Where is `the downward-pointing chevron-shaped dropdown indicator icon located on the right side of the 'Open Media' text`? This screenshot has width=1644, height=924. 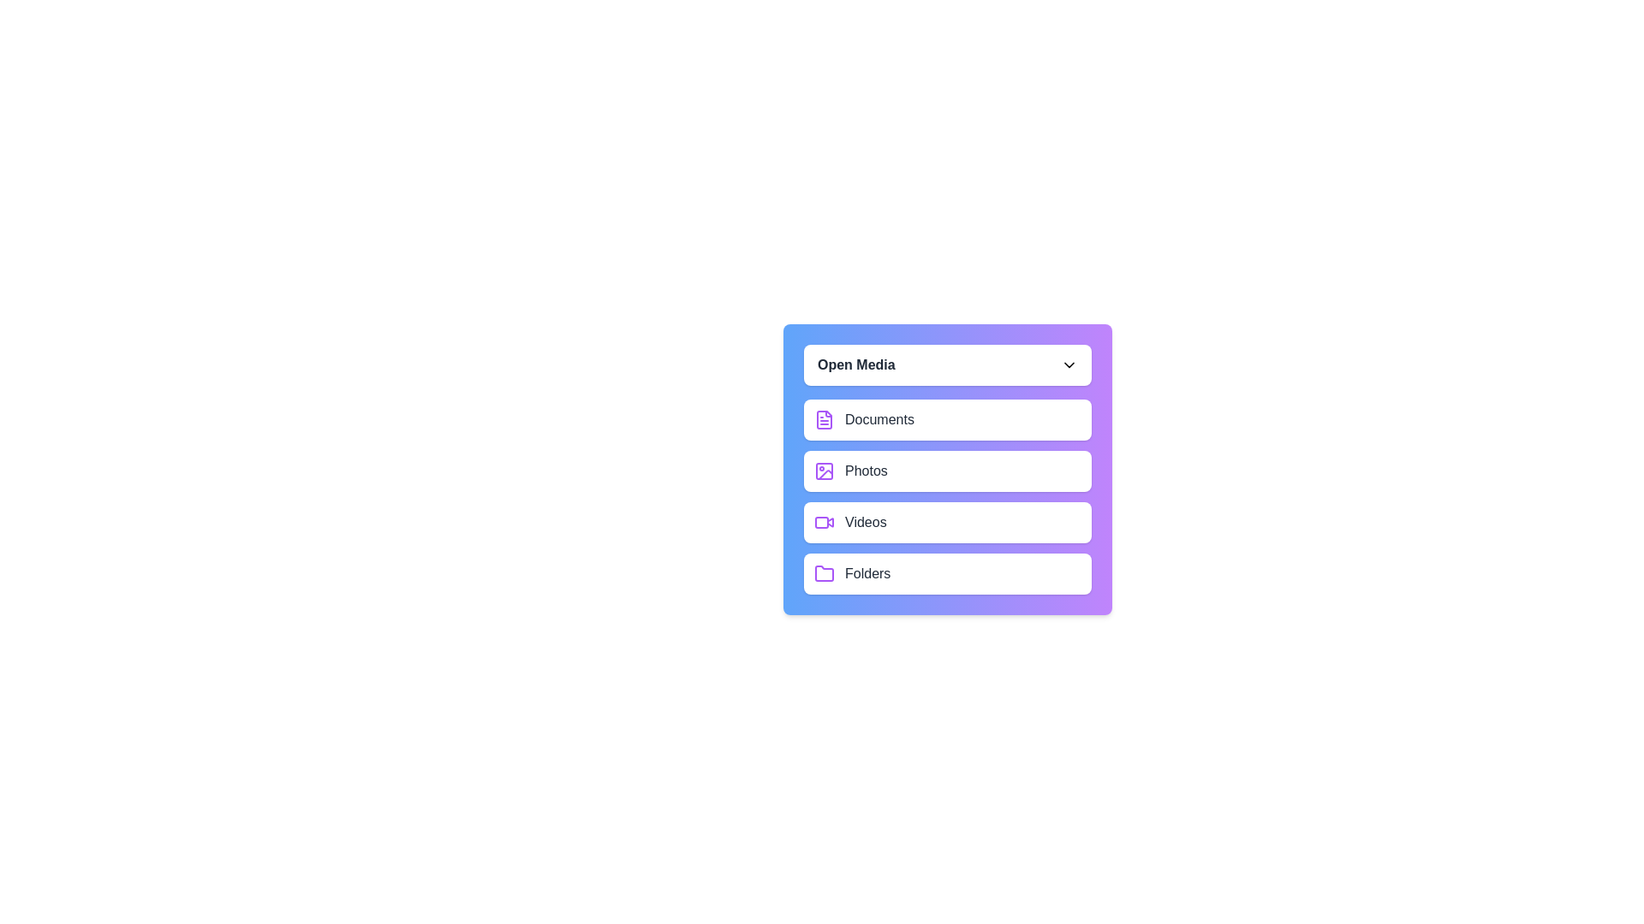 the downward-pointing chevron-shaped dropdown indicator icon located on the right side of the 'Open Media' text is located at coordinates (1068, 364).